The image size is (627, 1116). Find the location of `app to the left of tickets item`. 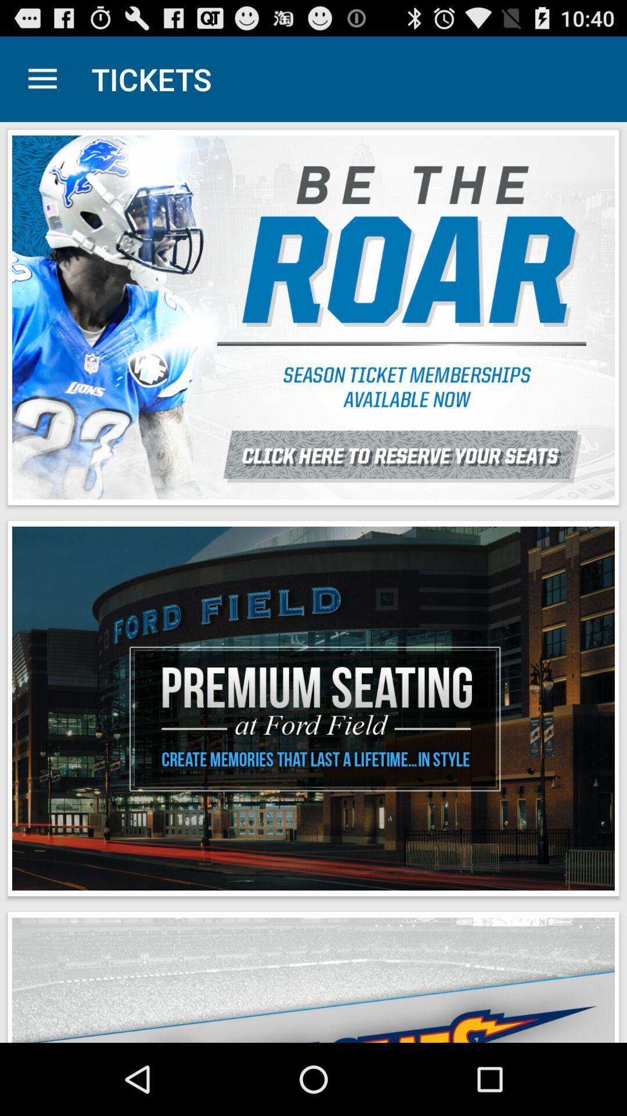

app to the left of tickets item is located at coordinates (42, 78).